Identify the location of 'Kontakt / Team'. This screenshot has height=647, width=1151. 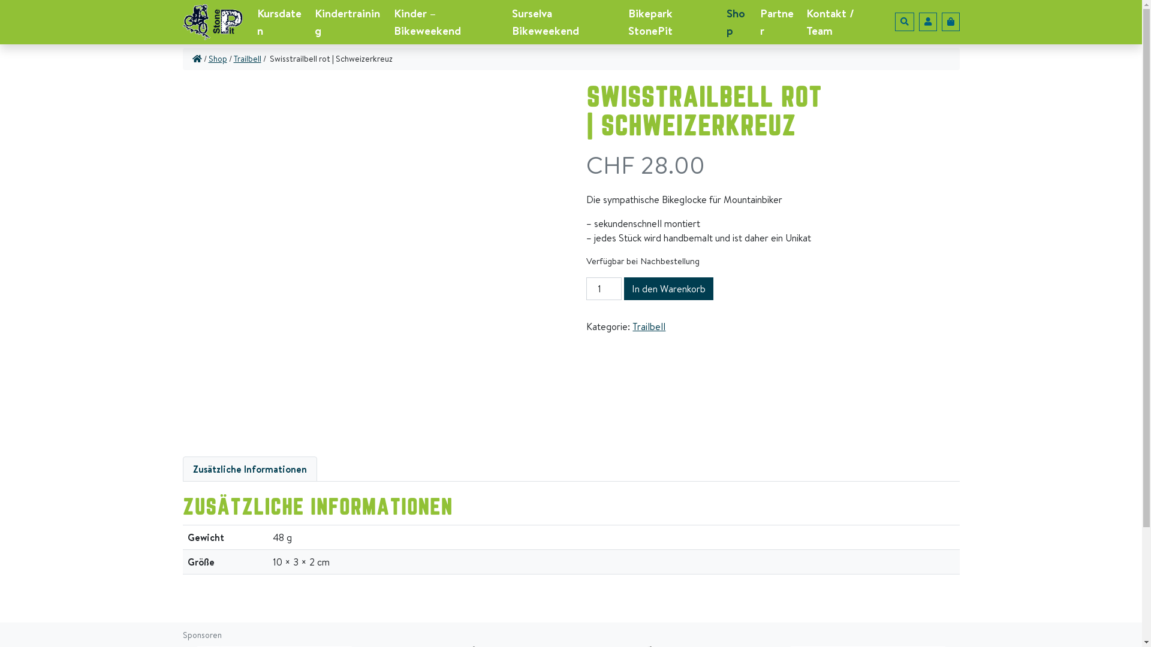
(840, 22).